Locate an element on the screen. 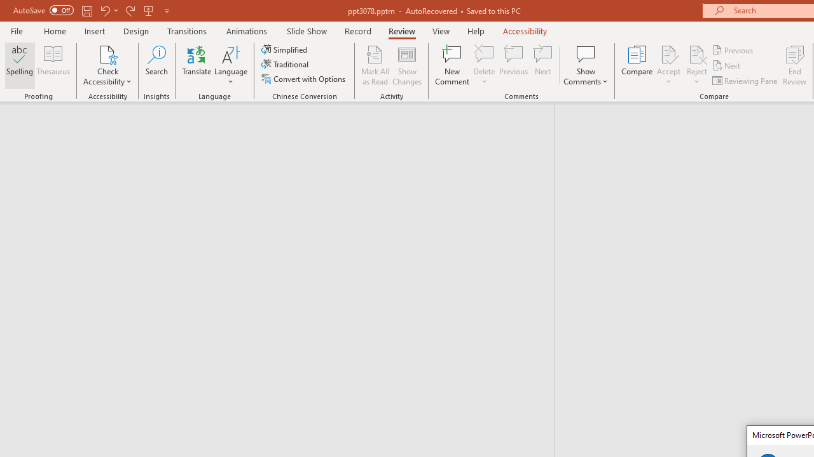 This screenshot has height=457, width=814. 'Convert with Options...' is located at coordinates (304, 79).